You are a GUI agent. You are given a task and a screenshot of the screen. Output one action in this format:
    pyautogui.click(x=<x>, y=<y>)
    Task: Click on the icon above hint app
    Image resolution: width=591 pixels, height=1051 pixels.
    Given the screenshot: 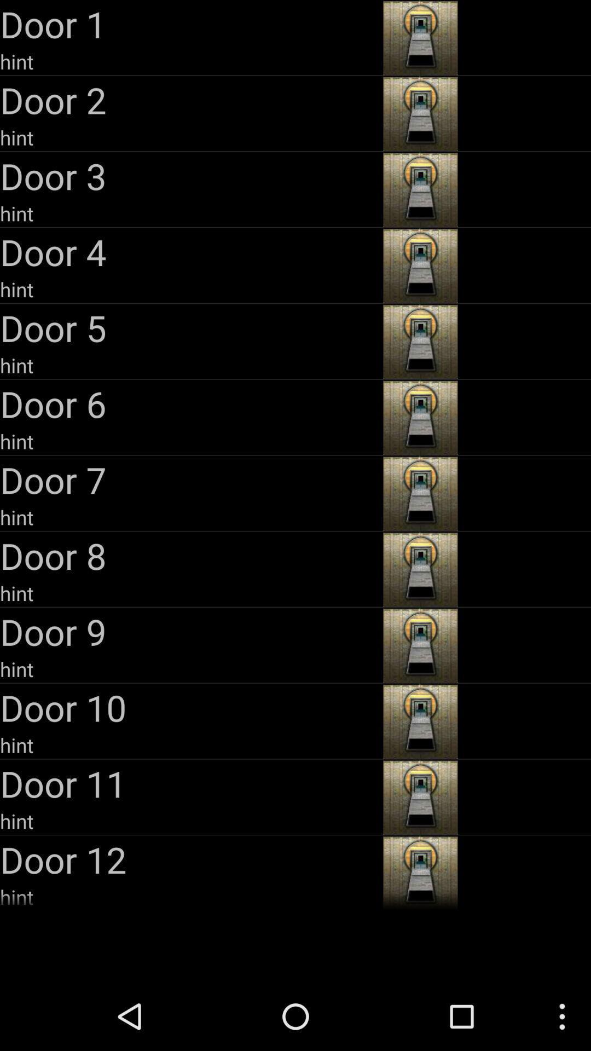 What is the action you would take?
    pyautogui.click(x=189, y=556)
    